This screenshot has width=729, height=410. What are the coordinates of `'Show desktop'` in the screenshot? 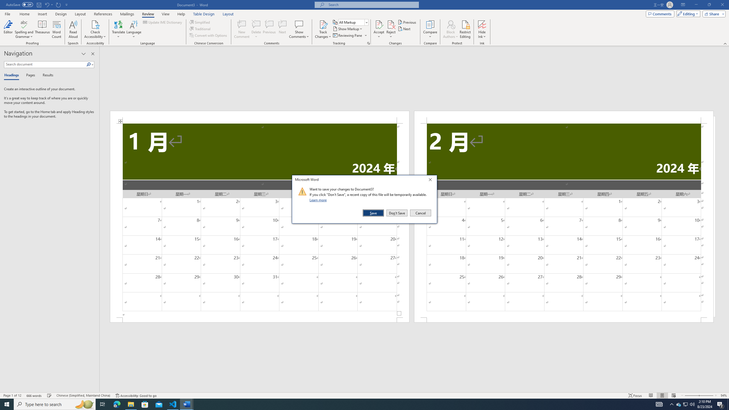 It's located at (728, 404).